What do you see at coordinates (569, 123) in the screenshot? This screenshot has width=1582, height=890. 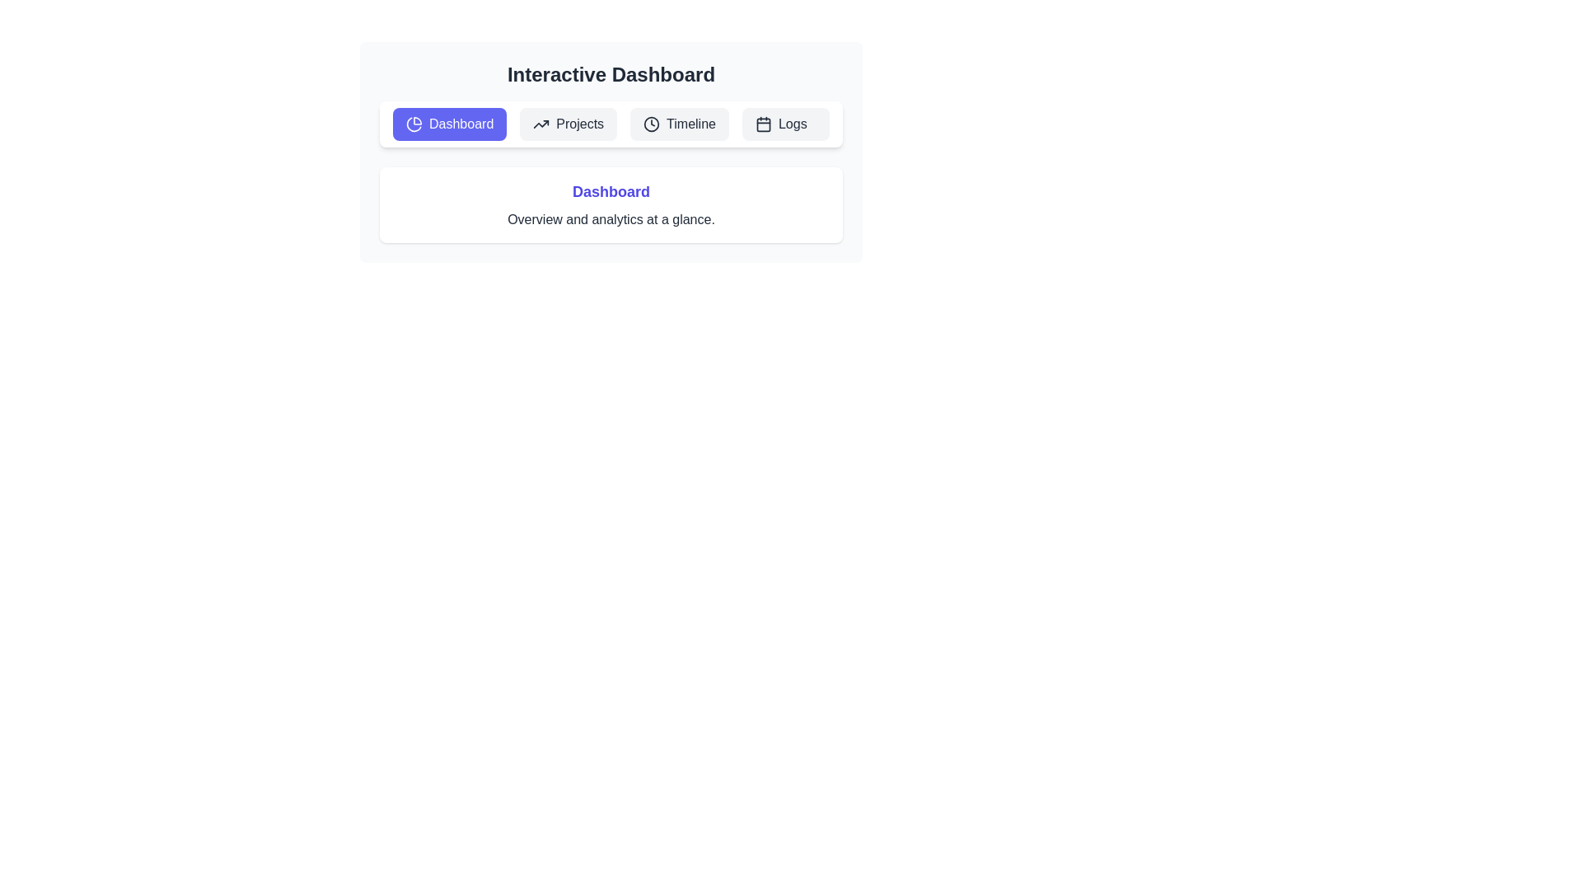 I see `the 'Projects' navigation button located in the horizontal navigation bar, which is the second item` at bounding box center [569, 123].